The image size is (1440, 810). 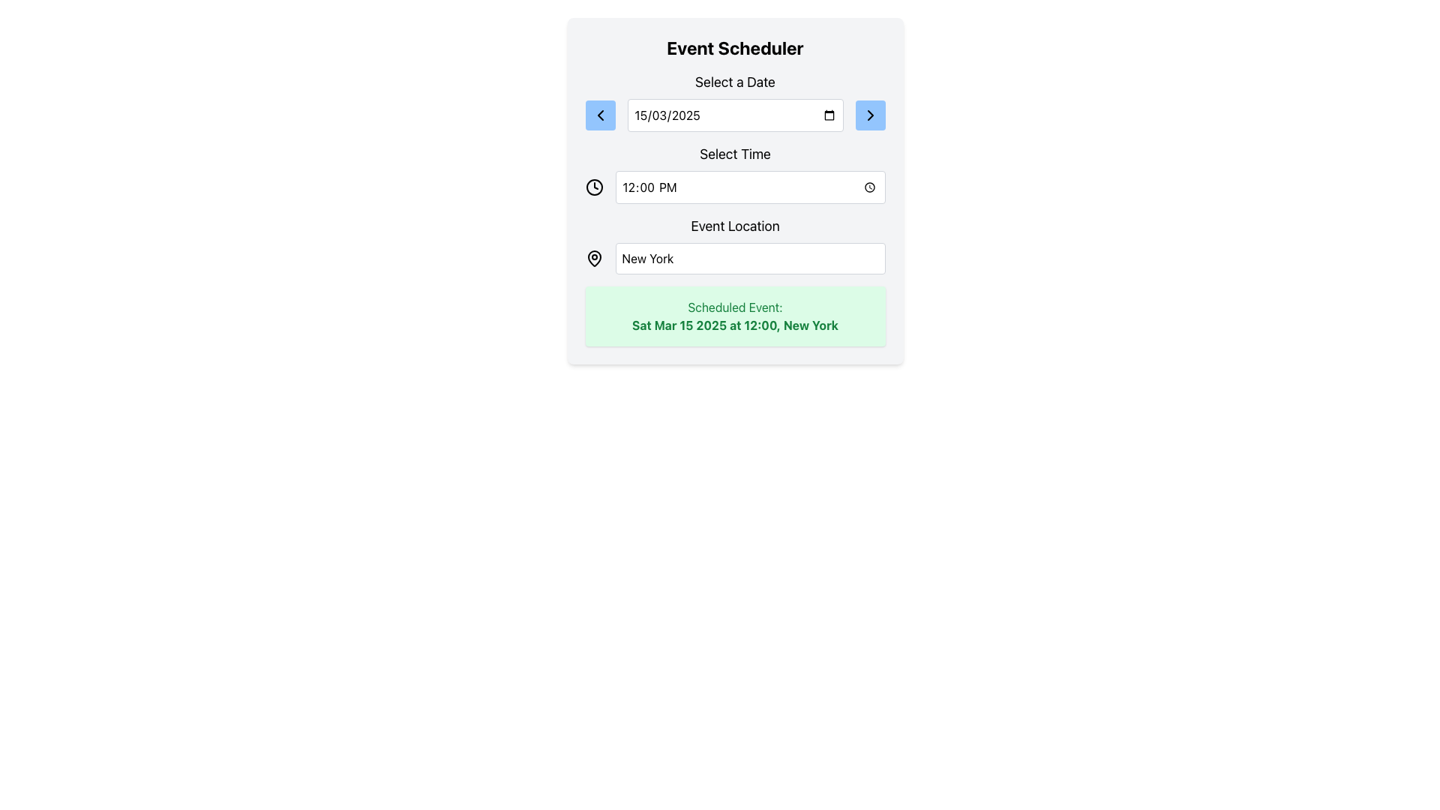 I want to click on the rounded rectangular blue button with an inward-facing arrow, so click(x=600, y=115).